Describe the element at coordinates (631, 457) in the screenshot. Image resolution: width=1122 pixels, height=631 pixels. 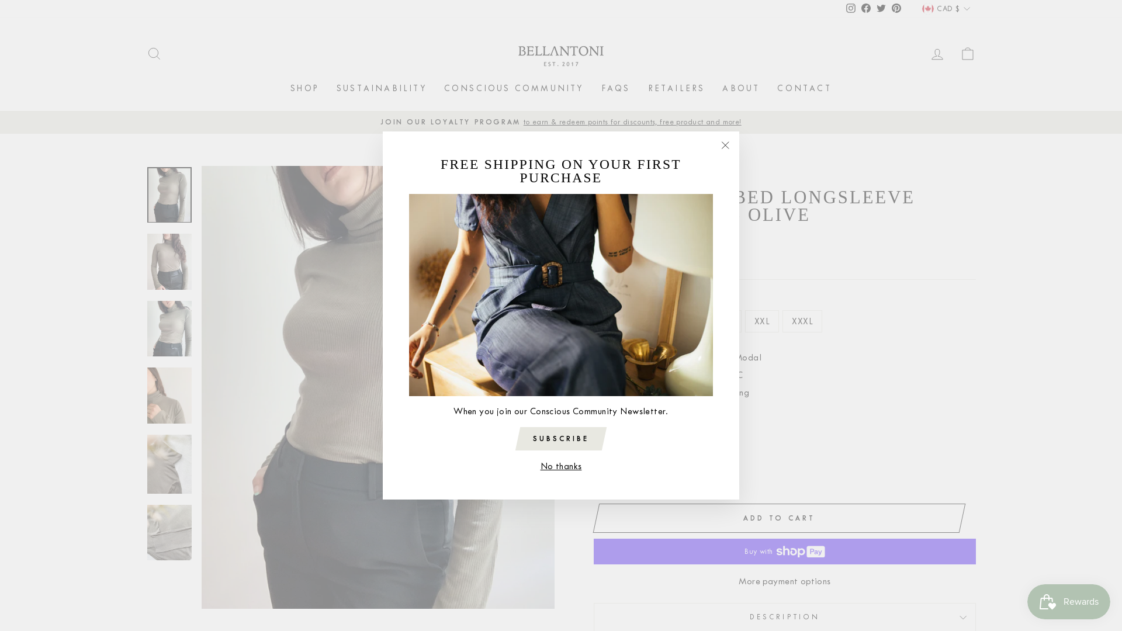
I see `'+'` at that location.